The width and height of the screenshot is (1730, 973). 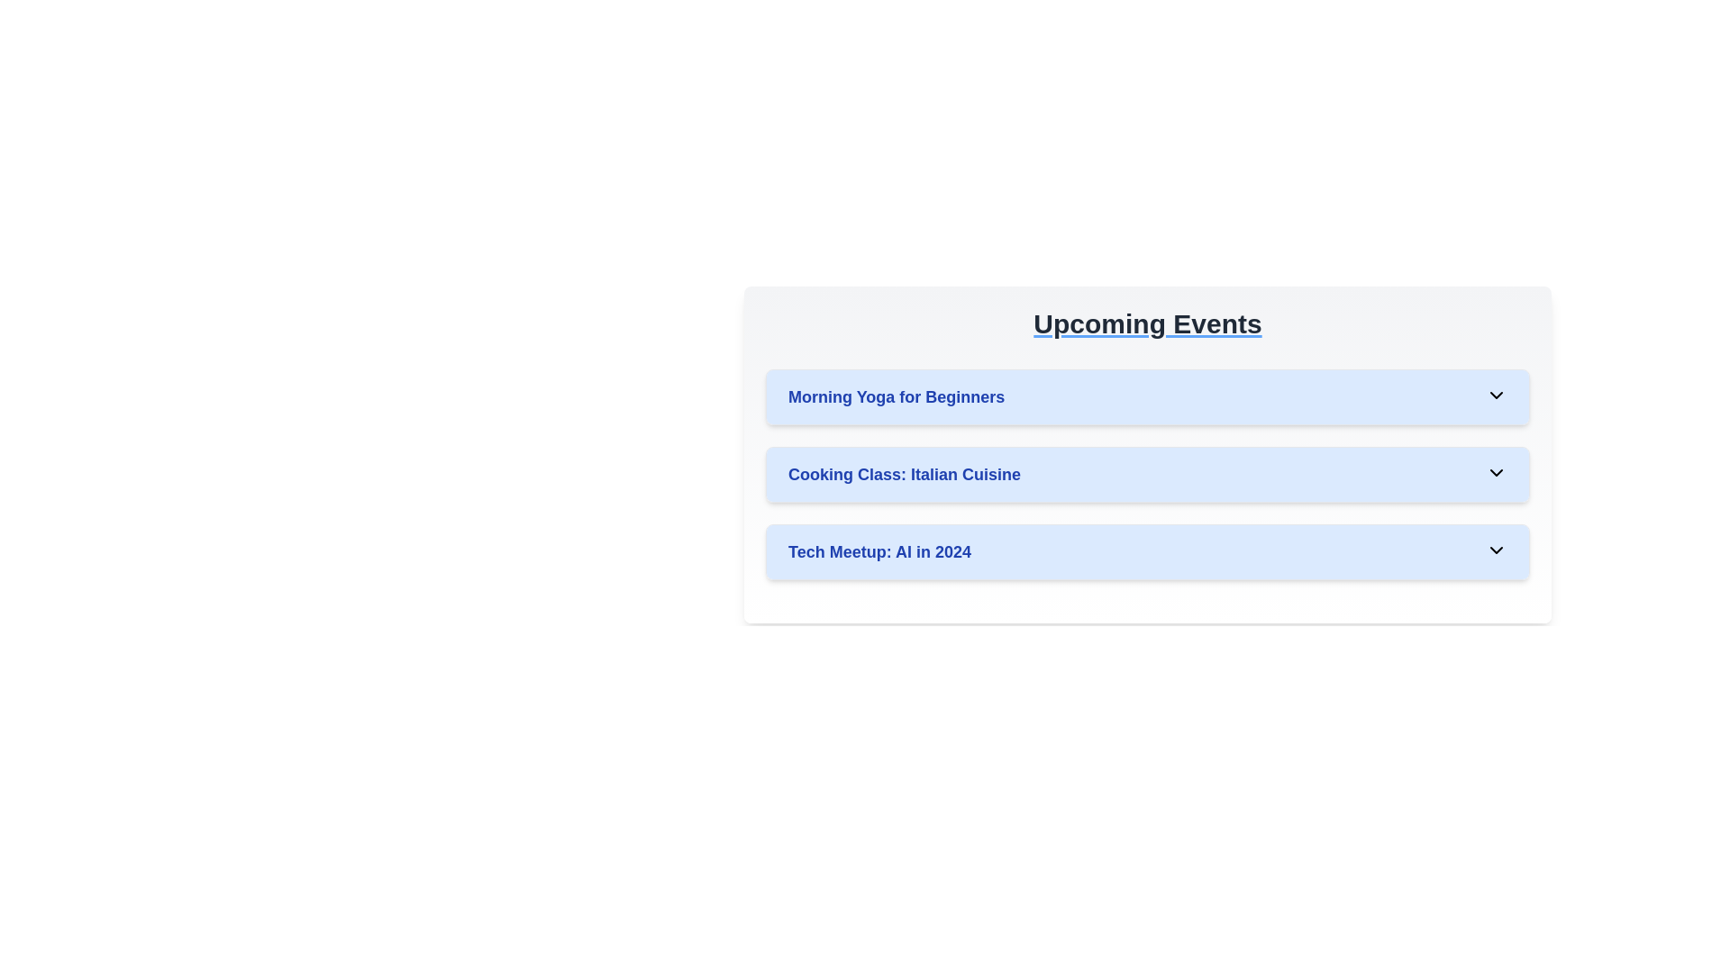 What do you see at coordinates (1146, 396) in the screenshot?
I see `the first button in the 'Upcoming Events' section` at bounding box center [1146, 396].